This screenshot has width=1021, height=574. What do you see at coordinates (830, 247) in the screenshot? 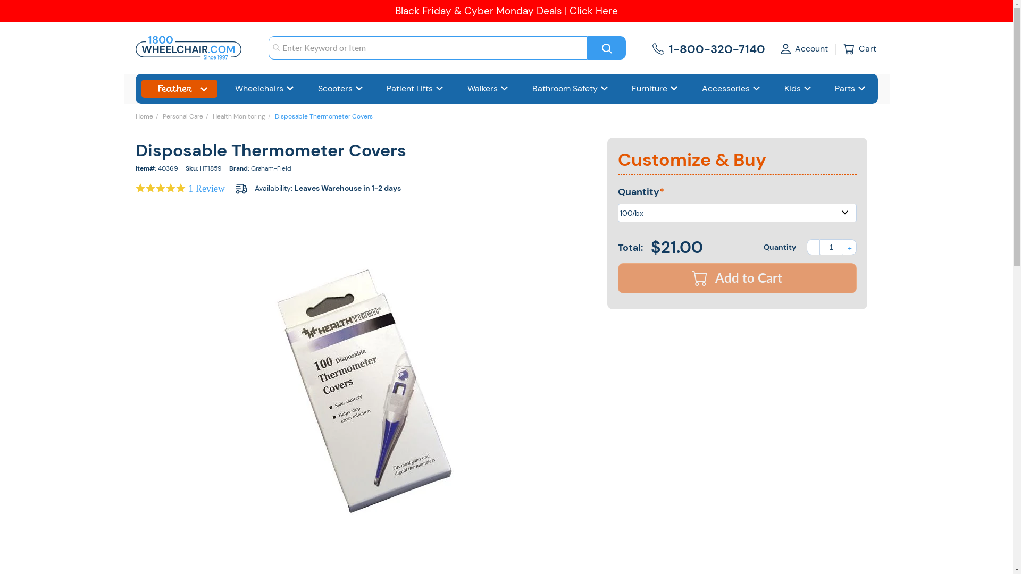
I see `'Qty'` at bounding box center [830, 247].